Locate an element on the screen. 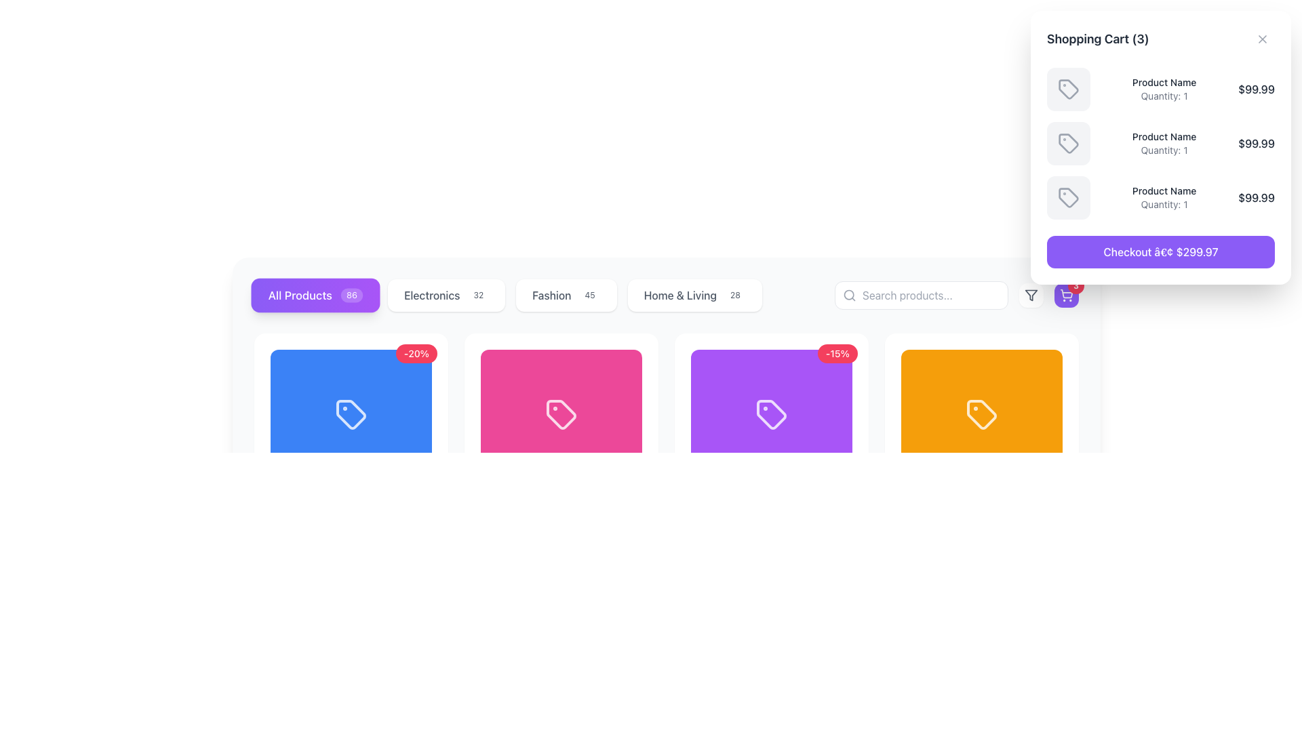  the shopping cart icon with a purple circular background and a red badge showing '3' is located at coordinates (1066, 294).